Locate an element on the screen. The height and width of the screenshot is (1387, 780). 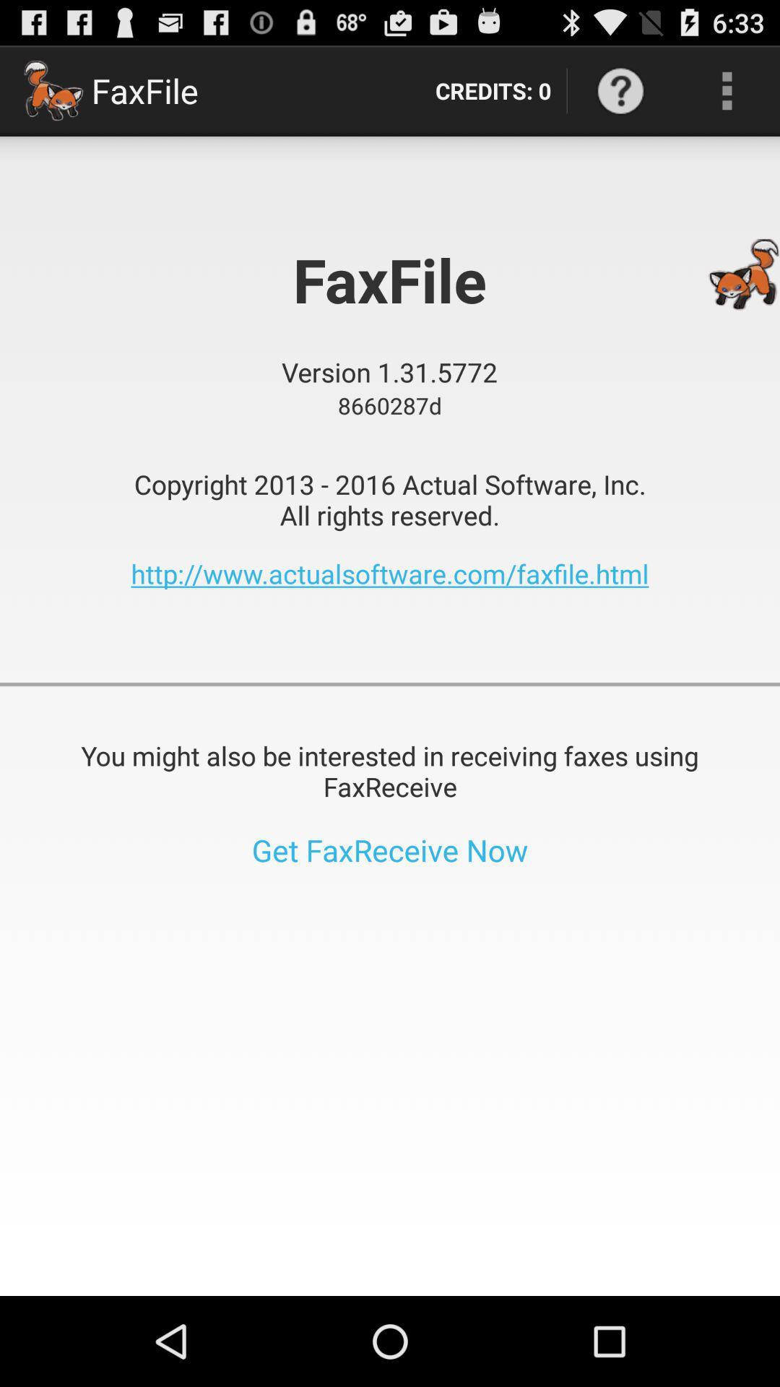
the icon above faxfile item is located at coordinates (493, 90).